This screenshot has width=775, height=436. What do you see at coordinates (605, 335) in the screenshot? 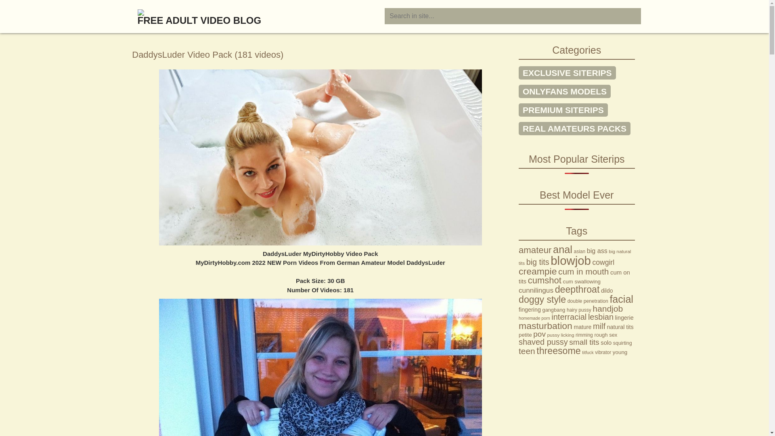
I see `'rough sex'` at bounding box center [605, 335].